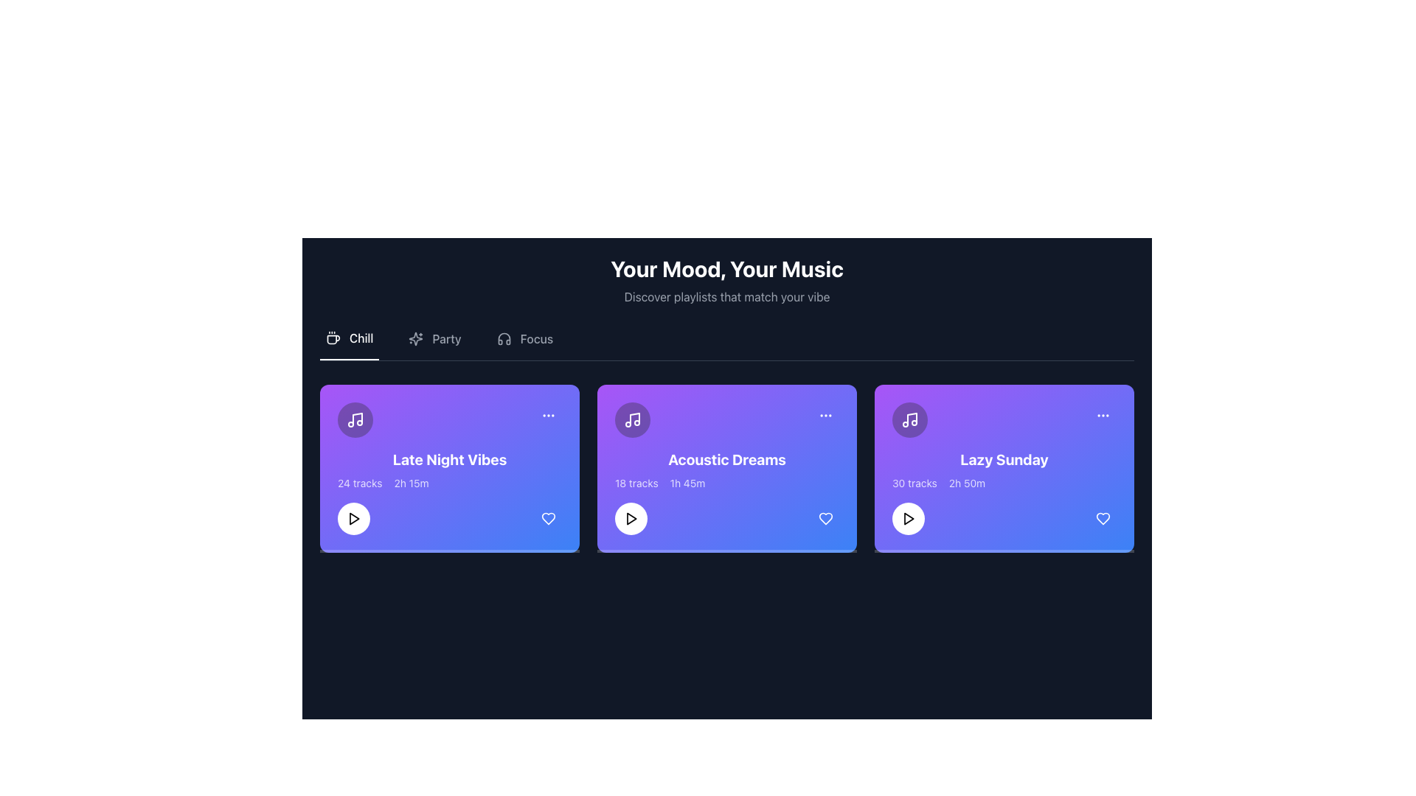 The height and width of the screenshot is (796, 1416). What do you see at coordinates (825, 518) in the screenshot?
I see `the heart-shaped icon in the bottom-right corner of the 'Acoustic Dreams' card to mark it as liked or favorited` at bounding box center [825, 518].